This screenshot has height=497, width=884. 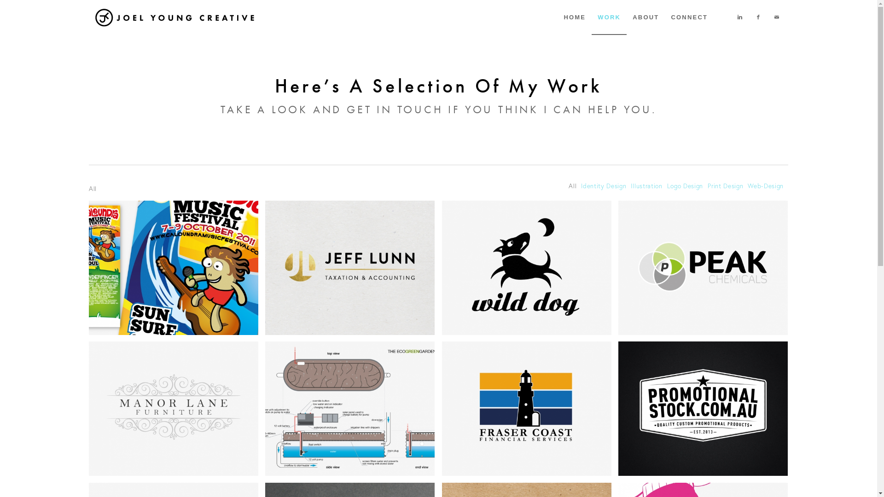 I want to click on 'WORK', so click(x=609, y=17).